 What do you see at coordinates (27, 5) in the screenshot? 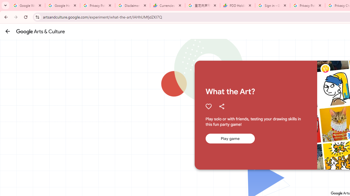
I see `'Google Workspace Admin Community'` at bounding box center [27, 5].